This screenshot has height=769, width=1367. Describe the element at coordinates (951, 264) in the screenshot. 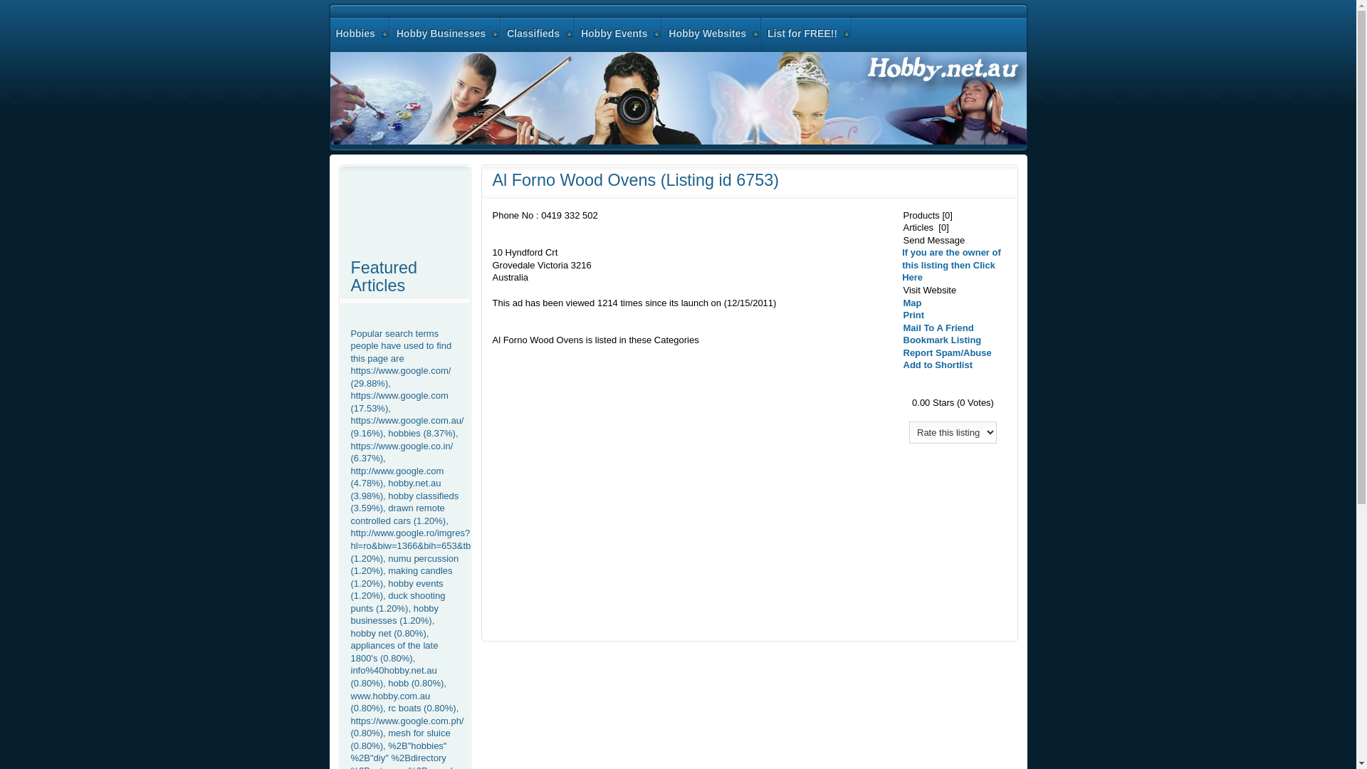

I see `'If you are the owner of this listing then Click Here'` at that location.